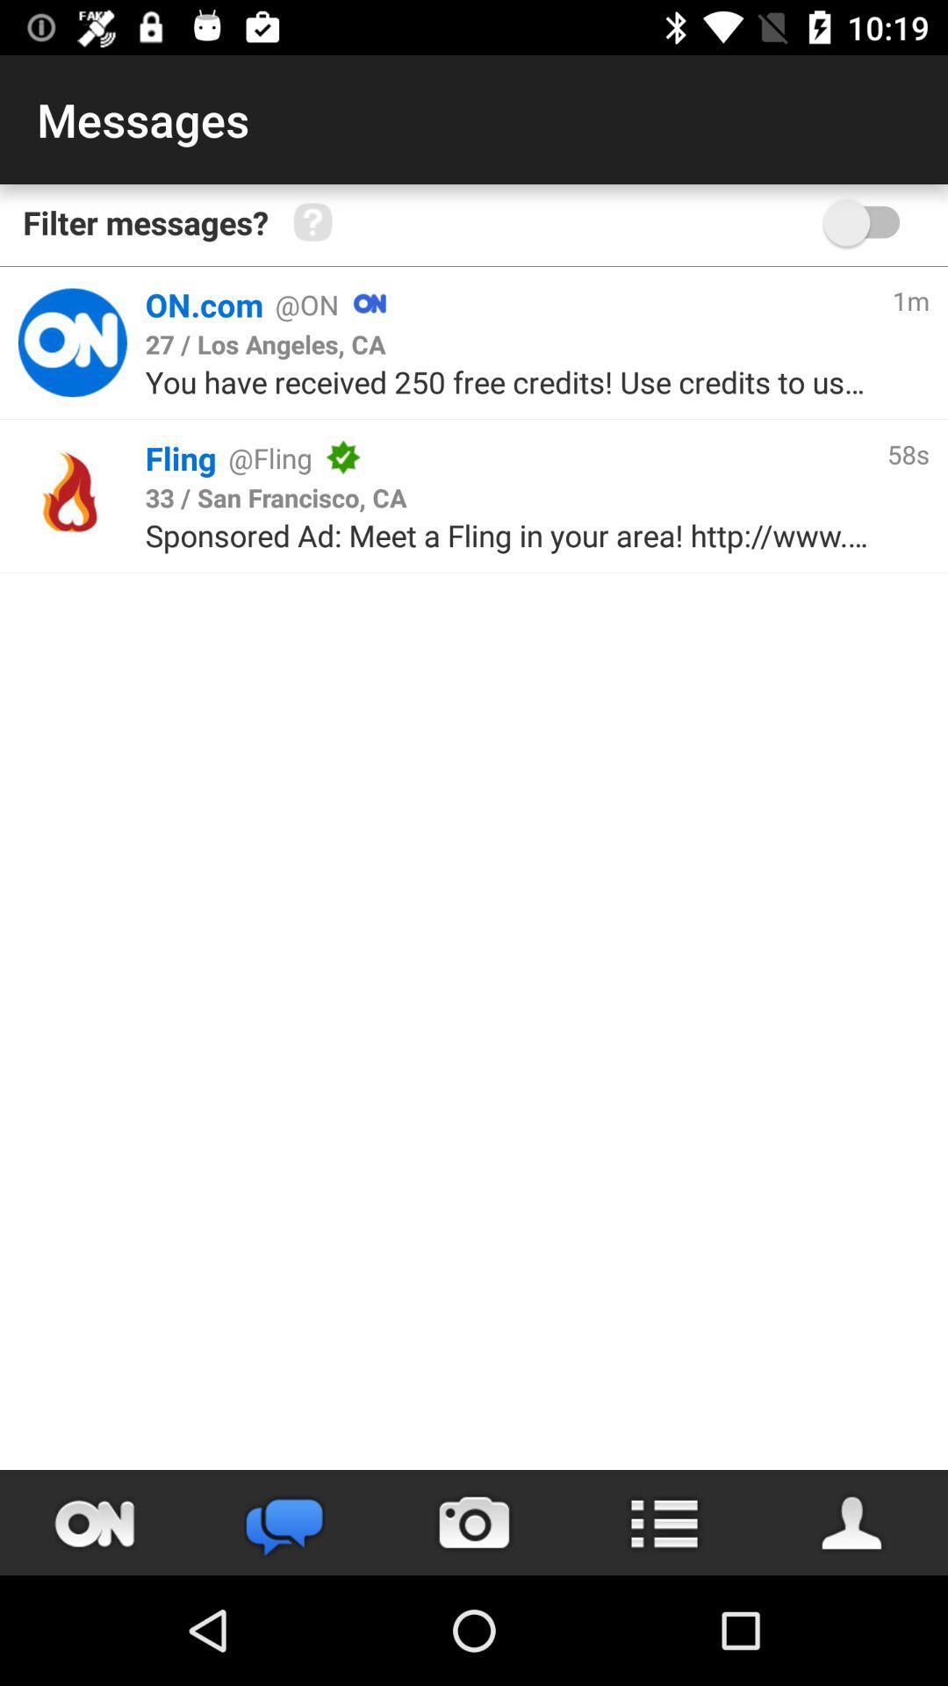  What do you see at coordinates (71, 342) in the screenshot?
I see `goes to the on.com profile` at bounding box center [71, 342].